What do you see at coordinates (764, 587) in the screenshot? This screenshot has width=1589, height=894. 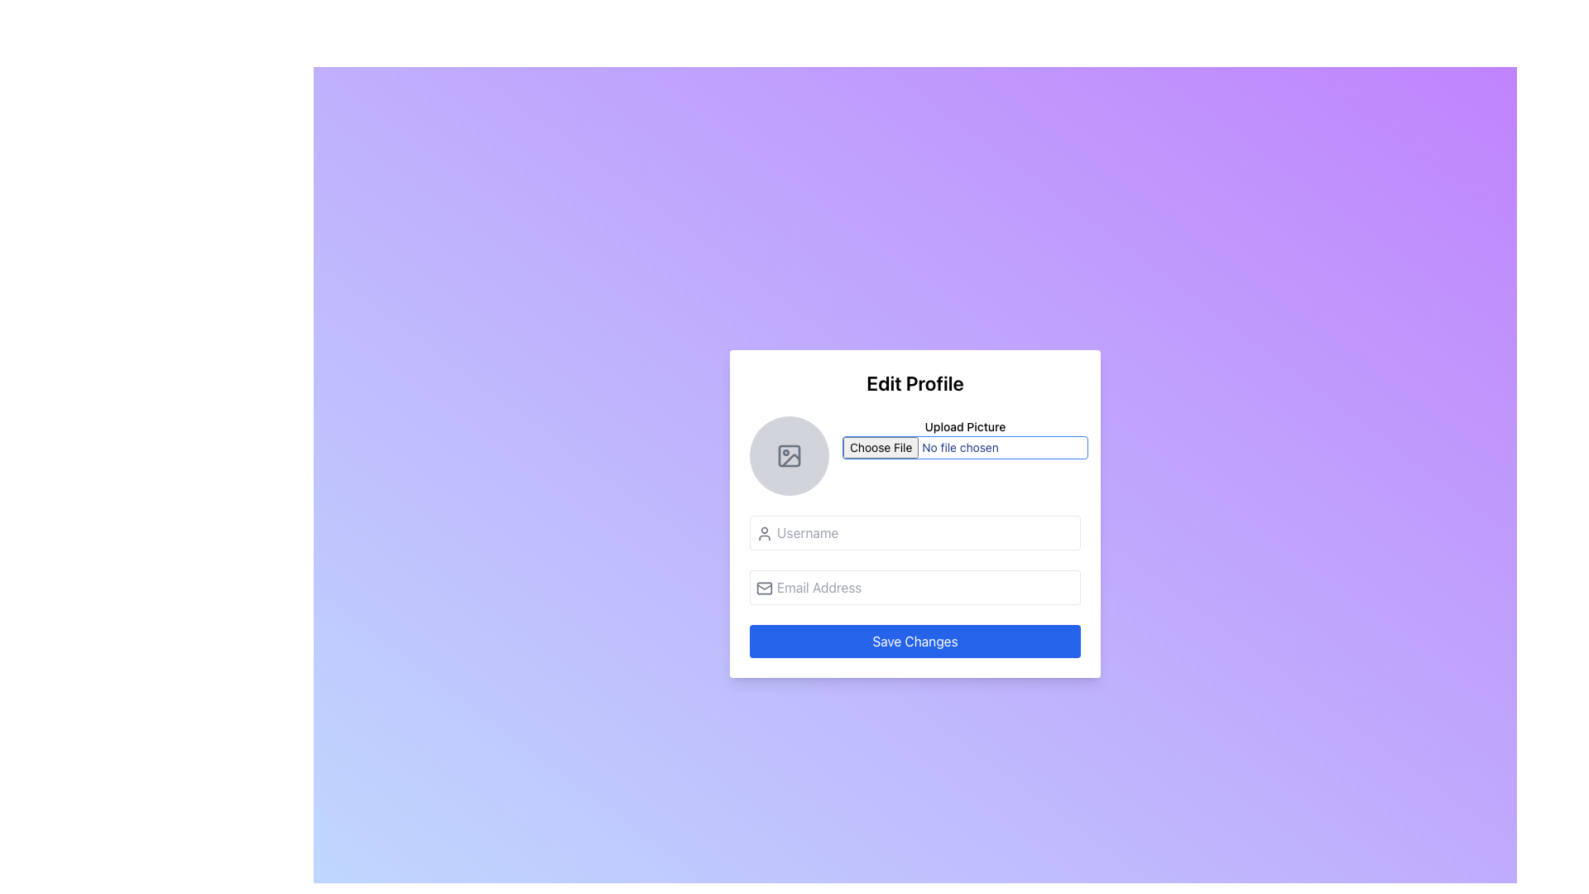 I see `the email address icon located to the left of the 'Email Address' input field, positioned slightly above the midpoint of the field` at bounding box center [764, 587].